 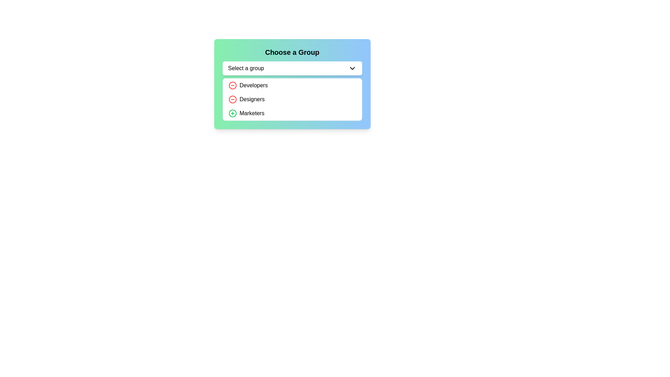 What do you see at coordinates (292, 68) in the screenshot?
I see `the Dropdown menu trigger labeled 'Select a group' to indicate focus` at bounding box center [292, 68].